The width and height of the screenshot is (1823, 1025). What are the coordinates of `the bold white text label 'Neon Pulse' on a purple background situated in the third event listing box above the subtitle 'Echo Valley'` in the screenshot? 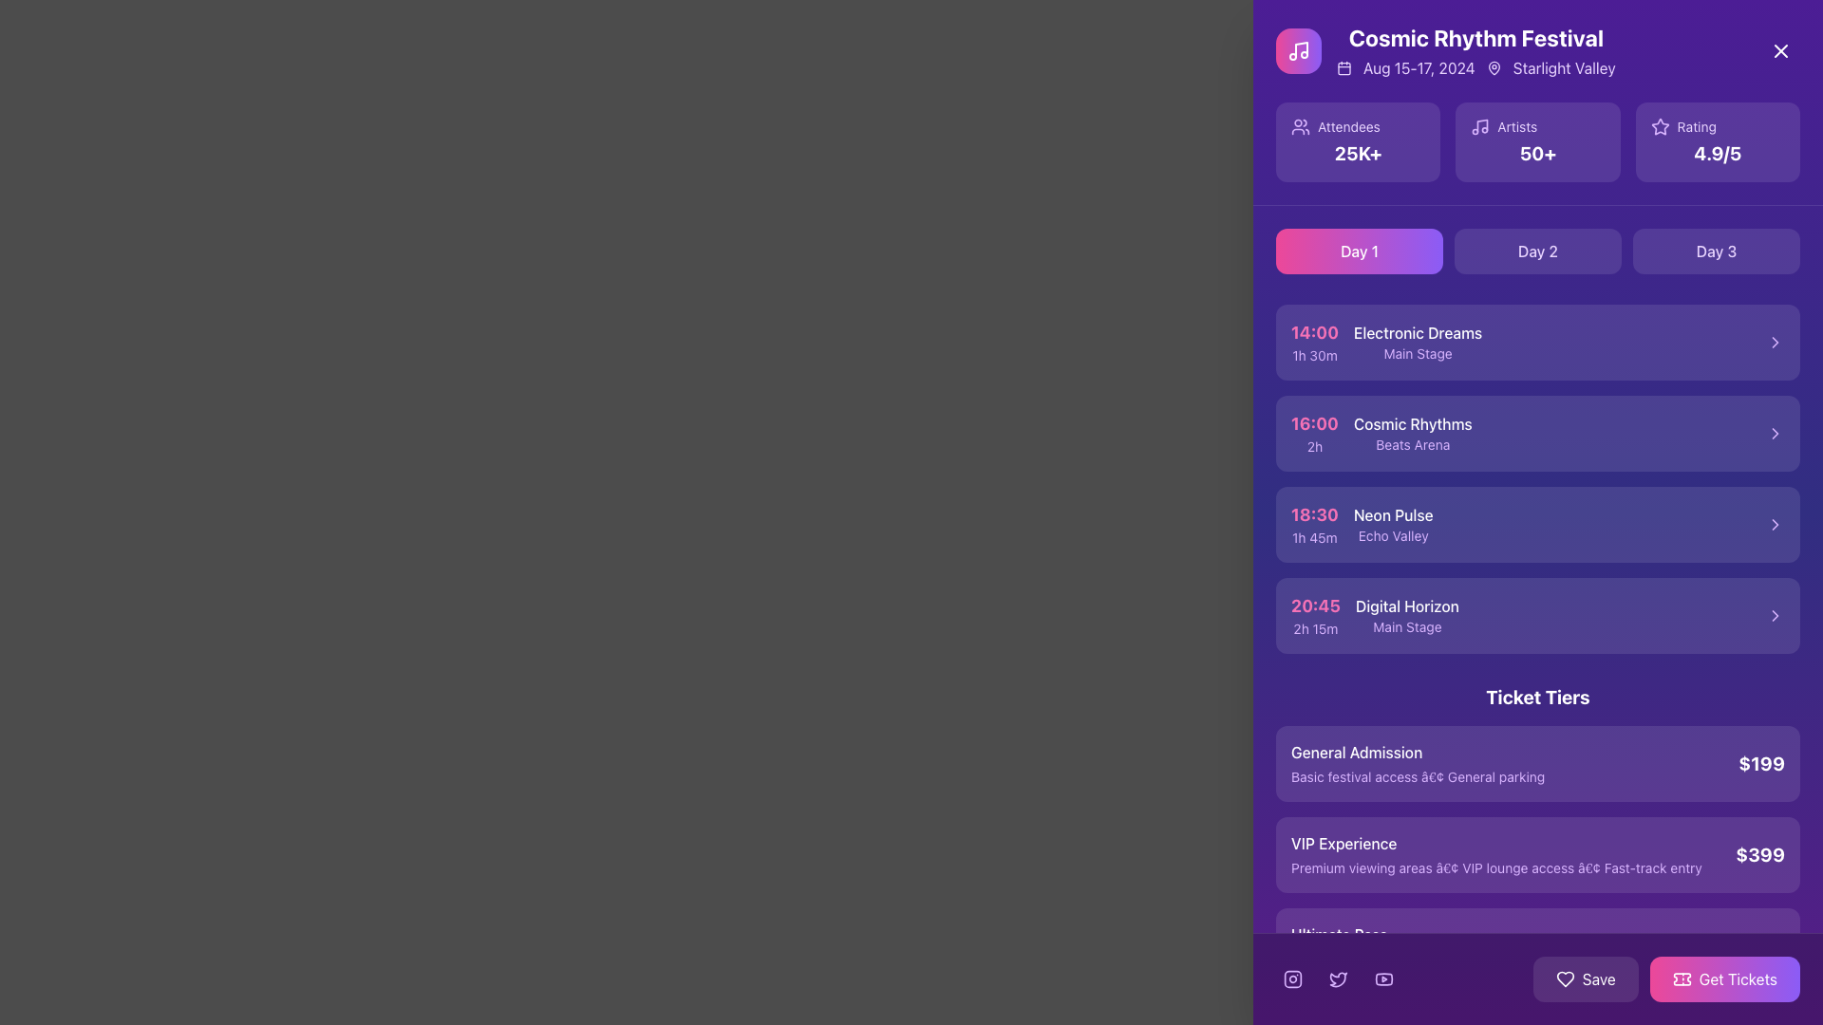 It's located at (1393, 515).